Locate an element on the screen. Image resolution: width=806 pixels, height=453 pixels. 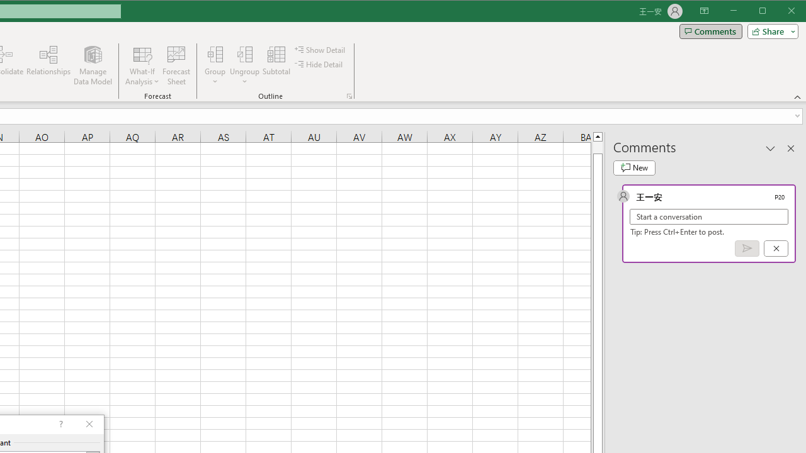
'Start a conversation' is located at coordinates (709, 216).